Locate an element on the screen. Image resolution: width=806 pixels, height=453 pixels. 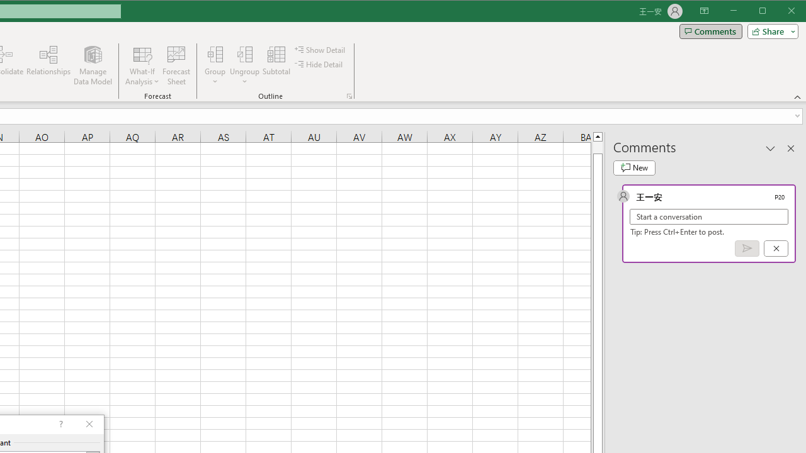
'Start a conversation' is located at coordinates (709, 216).